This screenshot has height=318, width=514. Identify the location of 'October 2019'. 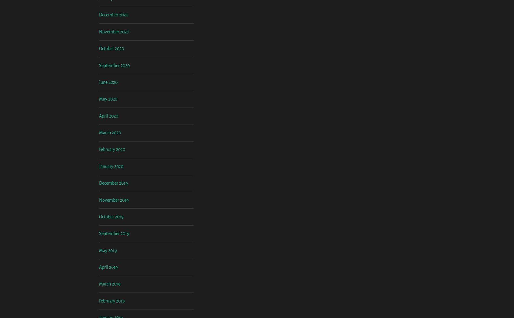
(111, 266).